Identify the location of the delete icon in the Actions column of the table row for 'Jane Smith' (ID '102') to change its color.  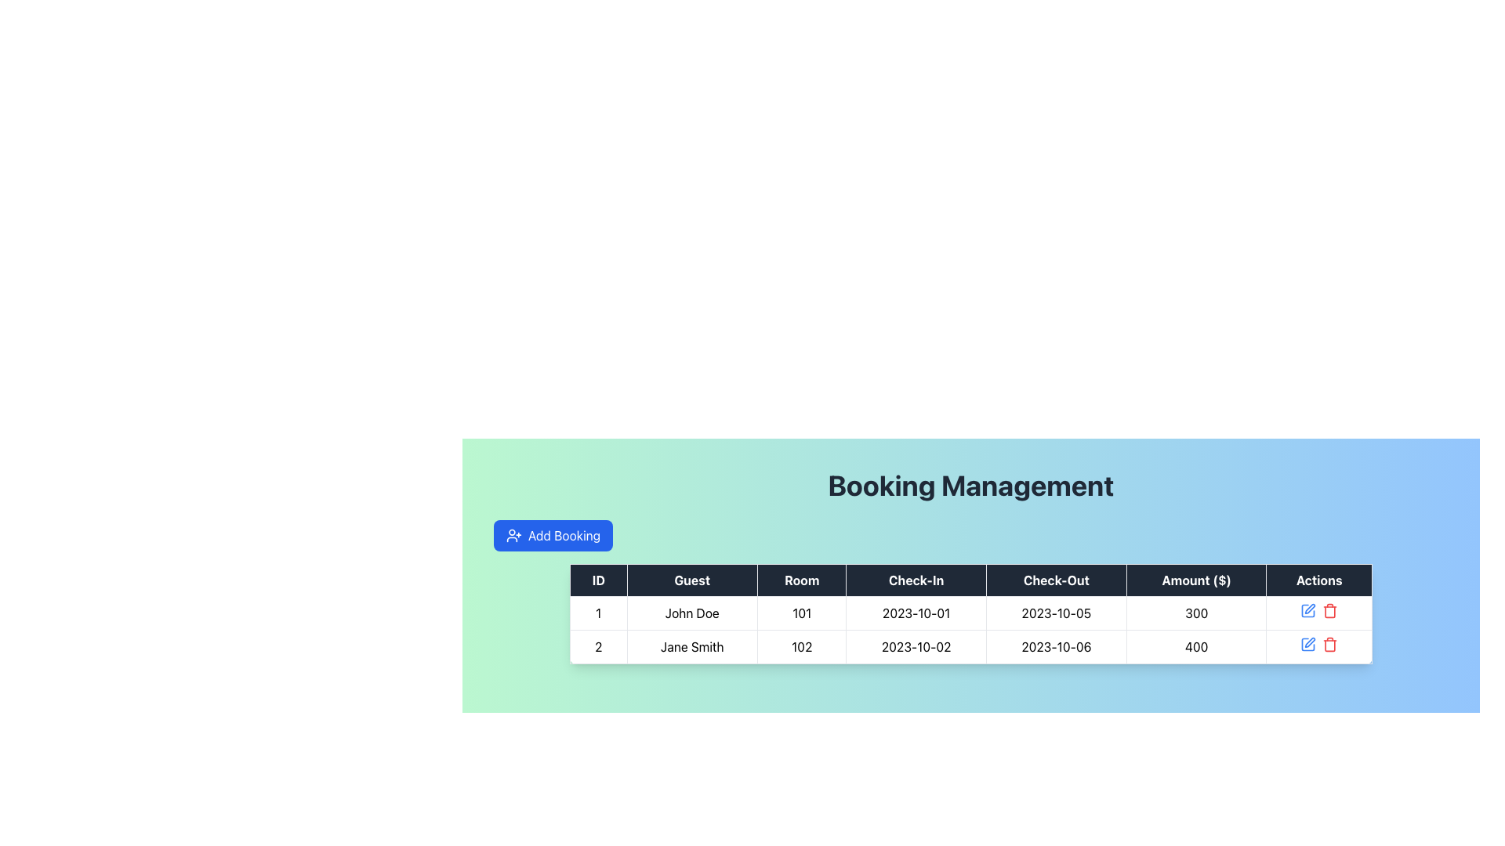
(1318, 646).